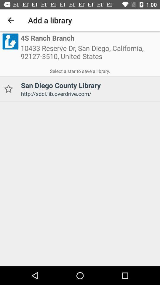 Image resolution: width=160 pixels, height=285 pixels. What do you see at coordinates (47, 38) in the screenshot?
I see `the 4s ranch branch` at bounding box center [47, 38].